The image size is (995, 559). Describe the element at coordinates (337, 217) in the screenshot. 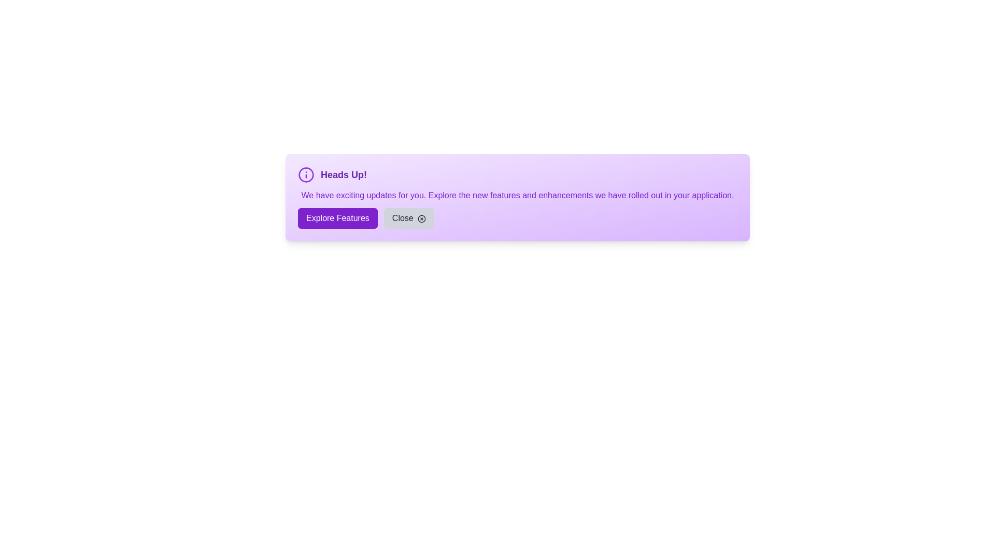

I see `'Explore Features' button to navigate to the features section` at that location.